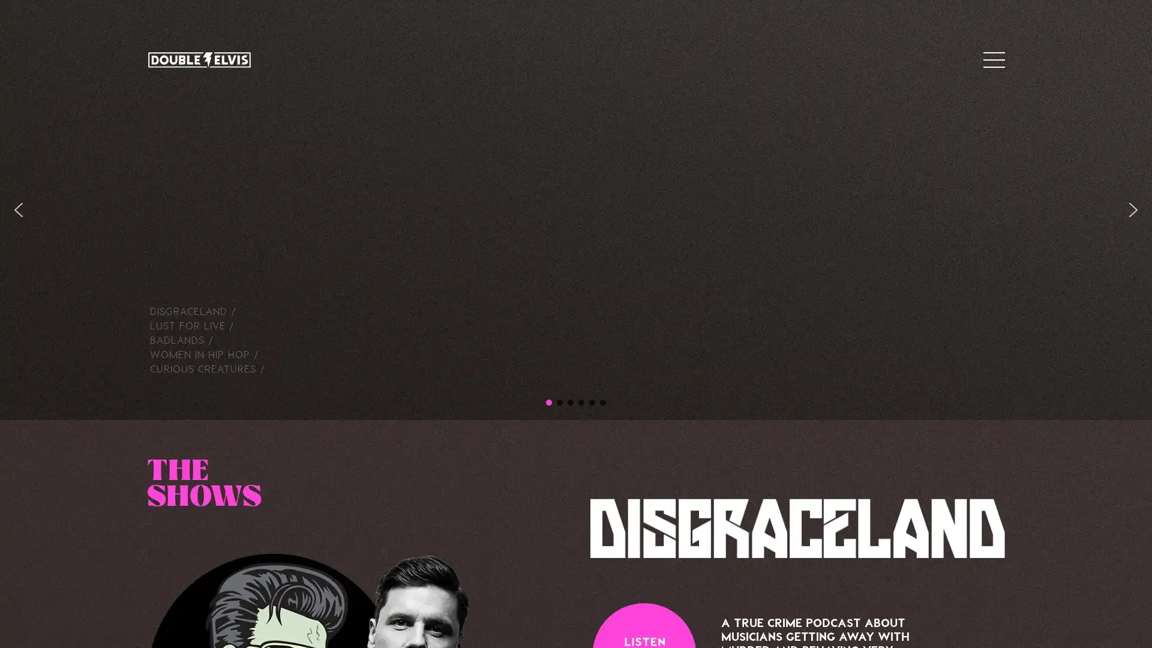 The width and height of the screenshot is (1152, 648). Describe the element at coordinates (602, 403) in the screenshot. I see `CC` at that location.